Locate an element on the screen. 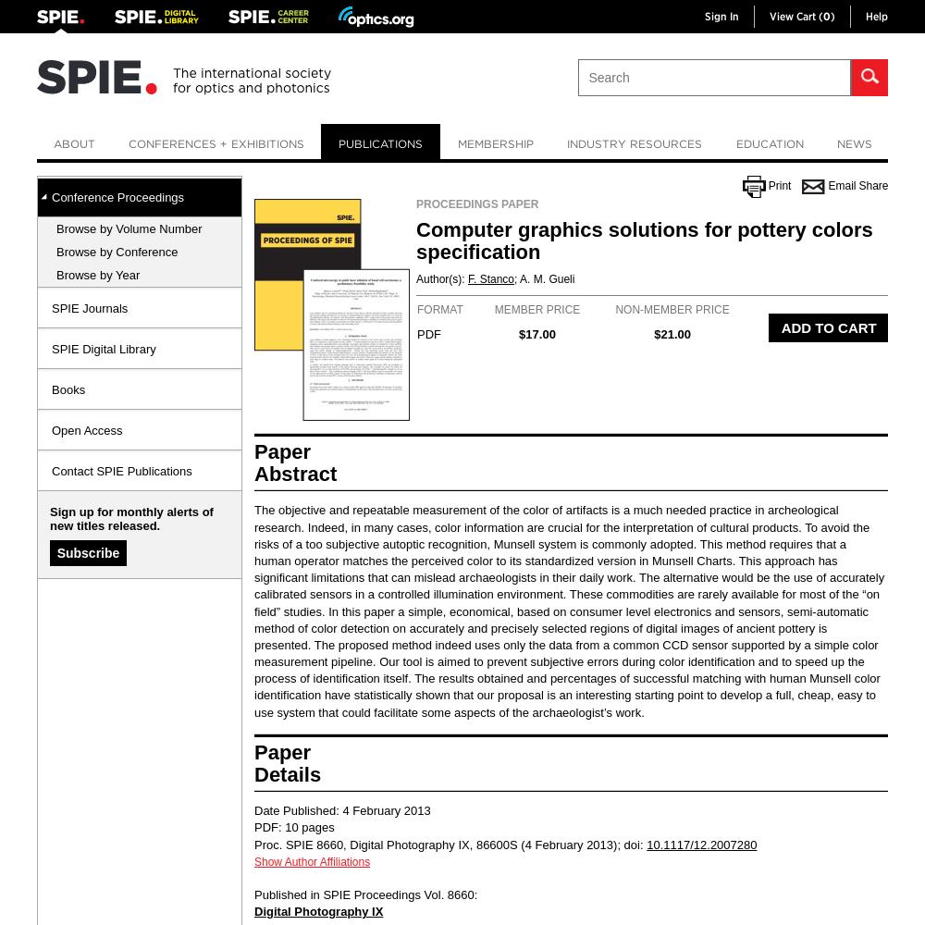 The height and width of the screenshot is (925, 925). 'Digital Photography IX' is located at coordinates (317, 910).